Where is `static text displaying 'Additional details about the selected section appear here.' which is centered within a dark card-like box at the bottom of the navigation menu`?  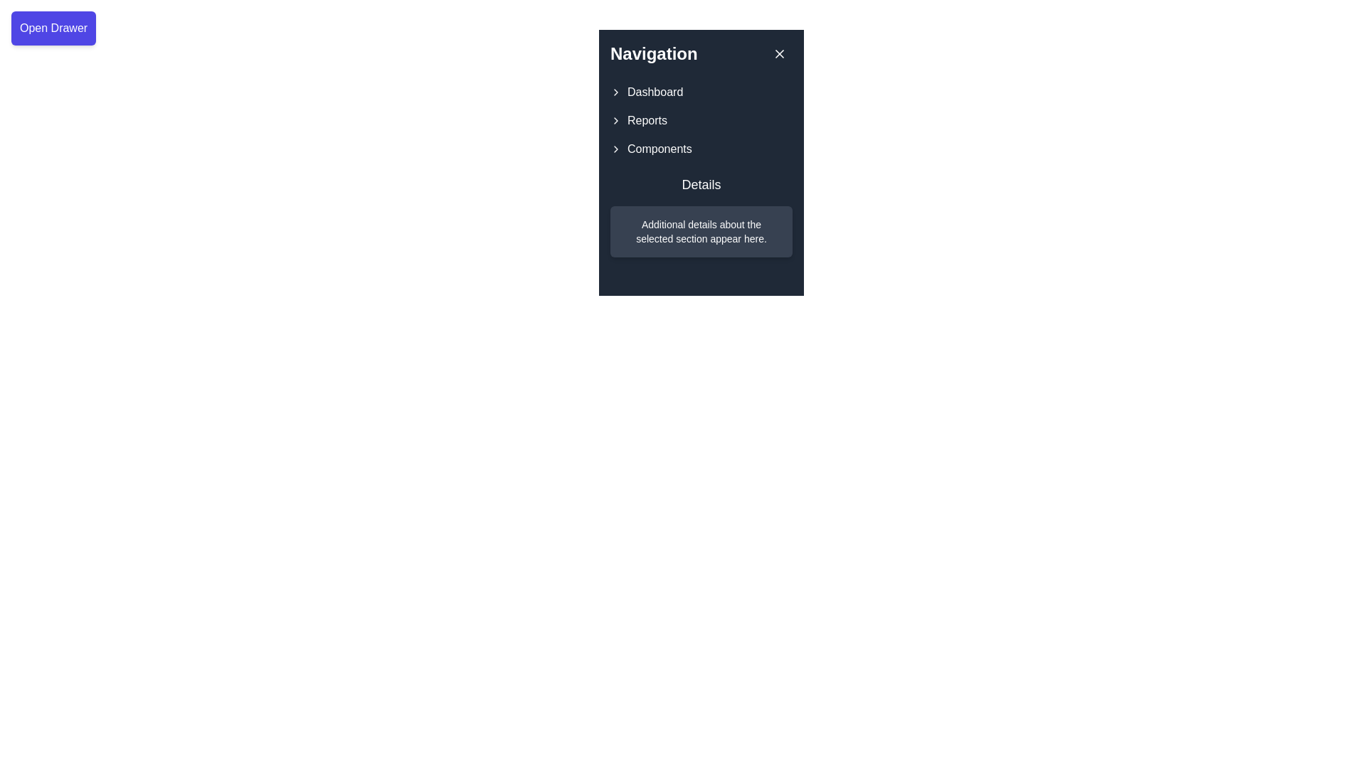 static text displaying 'Additional details about the selected section appear here.' which is centered within a dark card-like box at the bottom of the navigation menu is located at coordinates (701, 231).